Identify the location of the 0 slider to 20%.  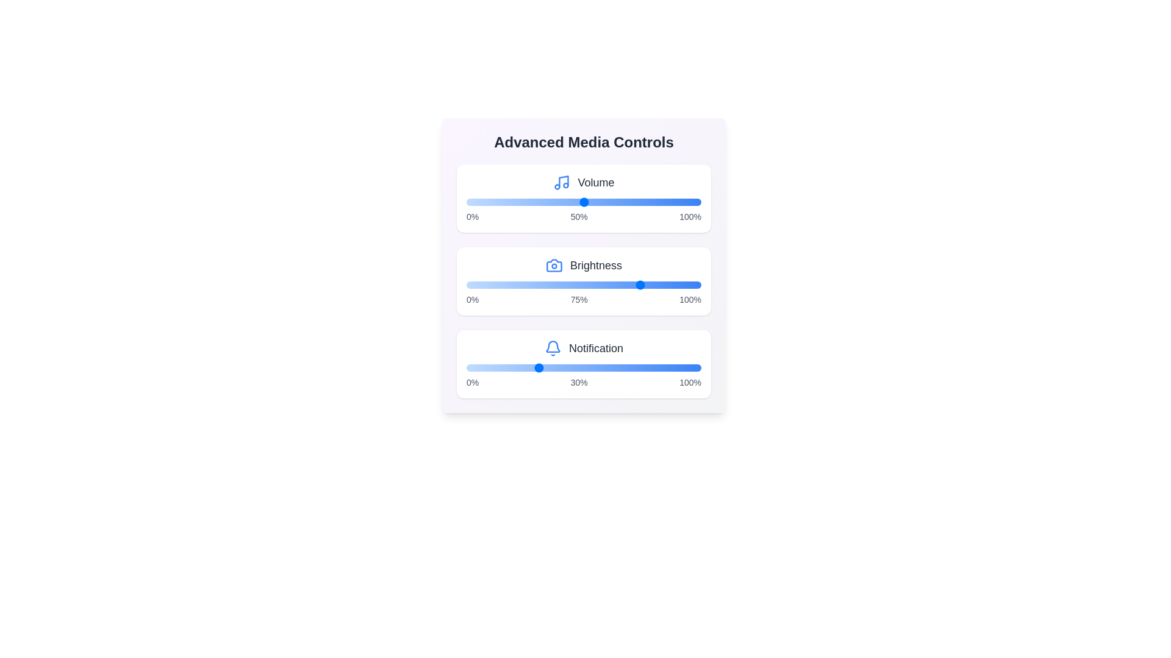
(513, 201).